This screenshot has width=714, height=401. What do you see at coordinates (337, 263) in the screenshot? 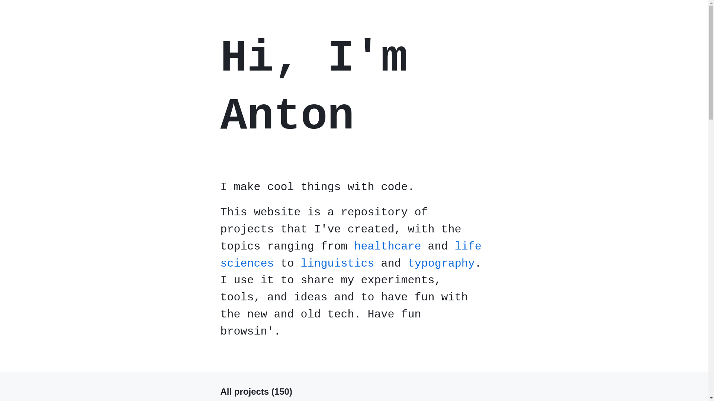
I see `'linguistics'` at bounding box center [337, 263].